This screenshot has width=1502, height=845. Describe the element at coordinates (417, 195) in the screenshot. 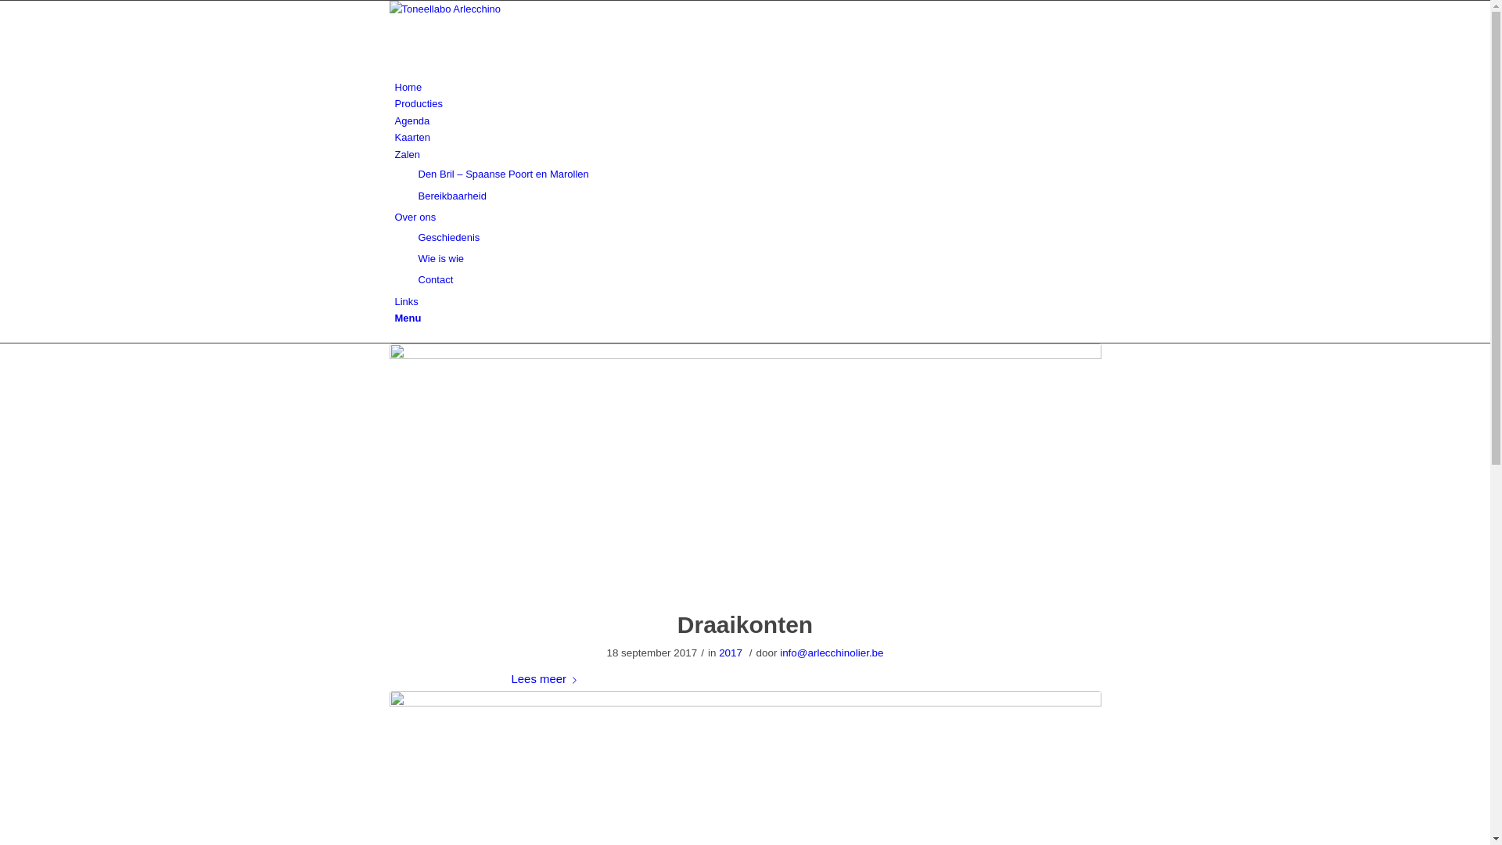

I see `'Bereikbaarheid'` at that location.